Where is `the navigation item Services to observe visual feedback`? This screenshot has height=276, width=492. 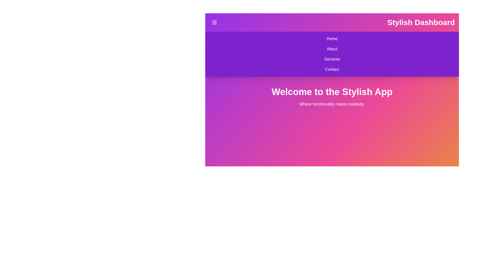 the navigation item Services to observe visual feedback is located at coordinates (332, 59).